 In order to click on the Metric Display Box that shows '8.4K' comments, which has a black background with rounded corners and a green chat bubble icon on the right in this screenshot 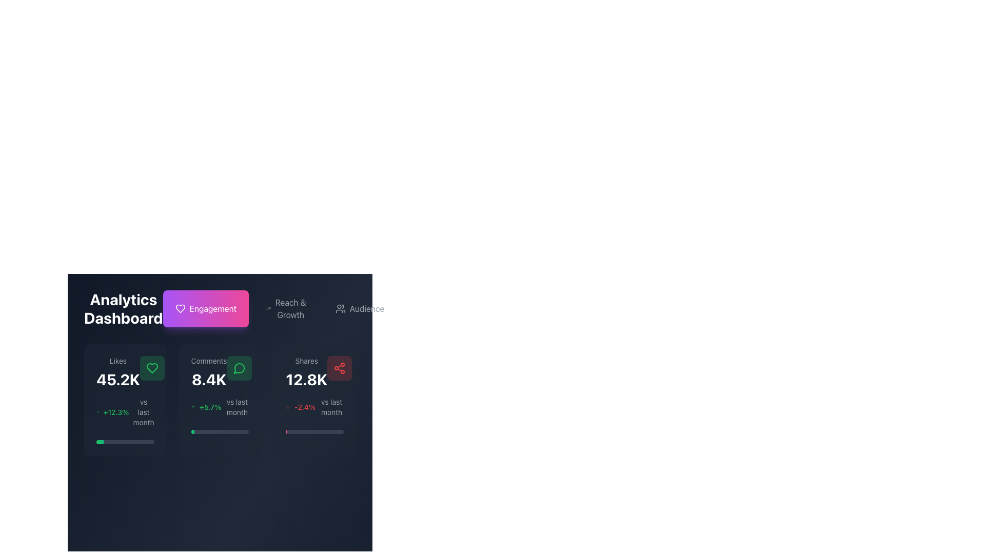, I will do `click(219, 372)`.